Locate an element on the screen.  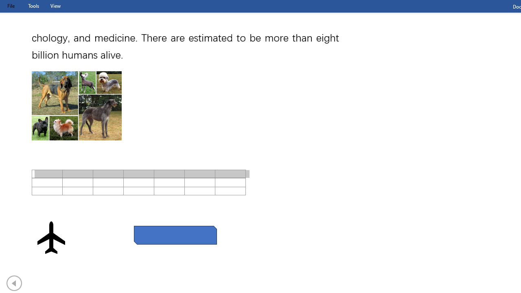
'Morphological variation in six dogs' is located at coordinates (77, 105).